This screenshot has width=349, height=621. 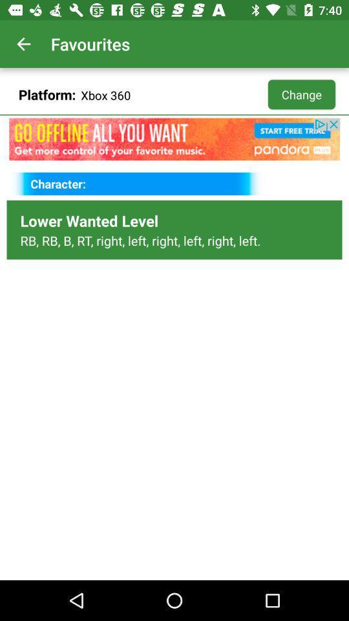 I want to click on in app advertisement space, so click(x=174, y=139).